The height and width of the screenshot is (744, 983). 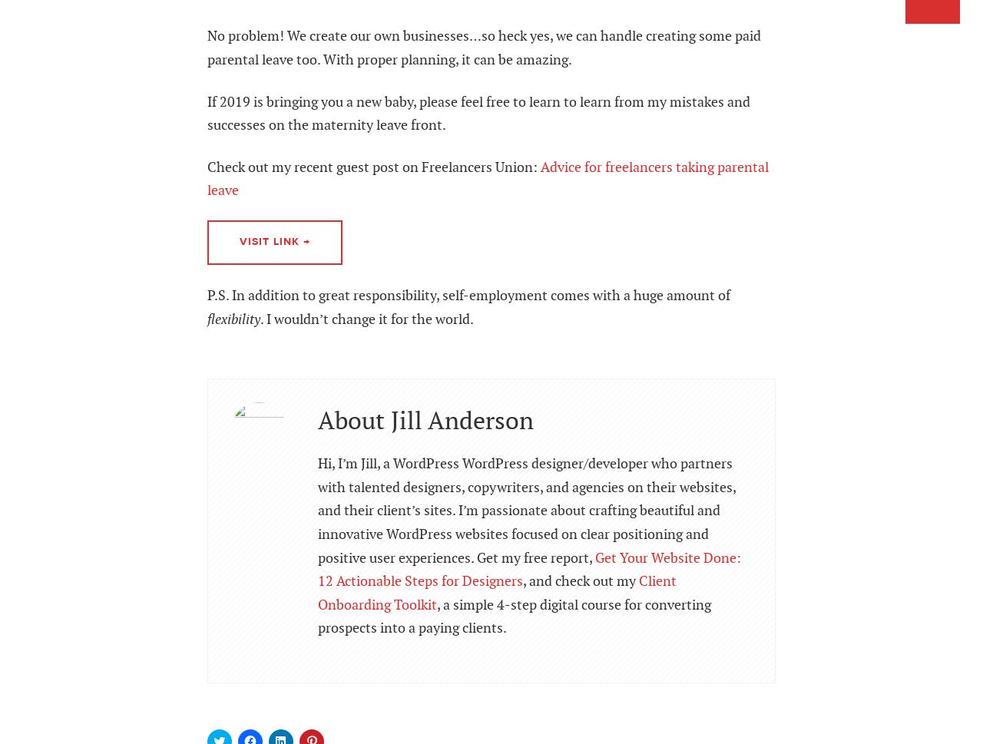 I want to click on ', and check out my', so click(x=580, y=580).